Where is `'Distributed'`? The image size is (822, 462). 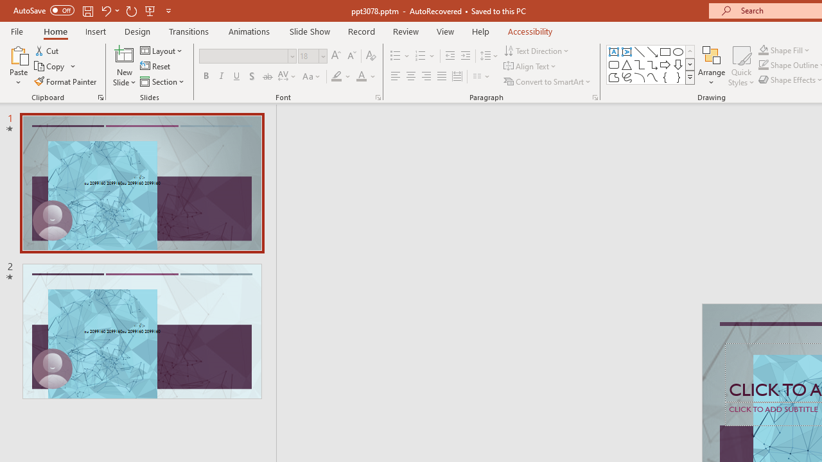 'Distributed' is located at coordinates (457, 76).